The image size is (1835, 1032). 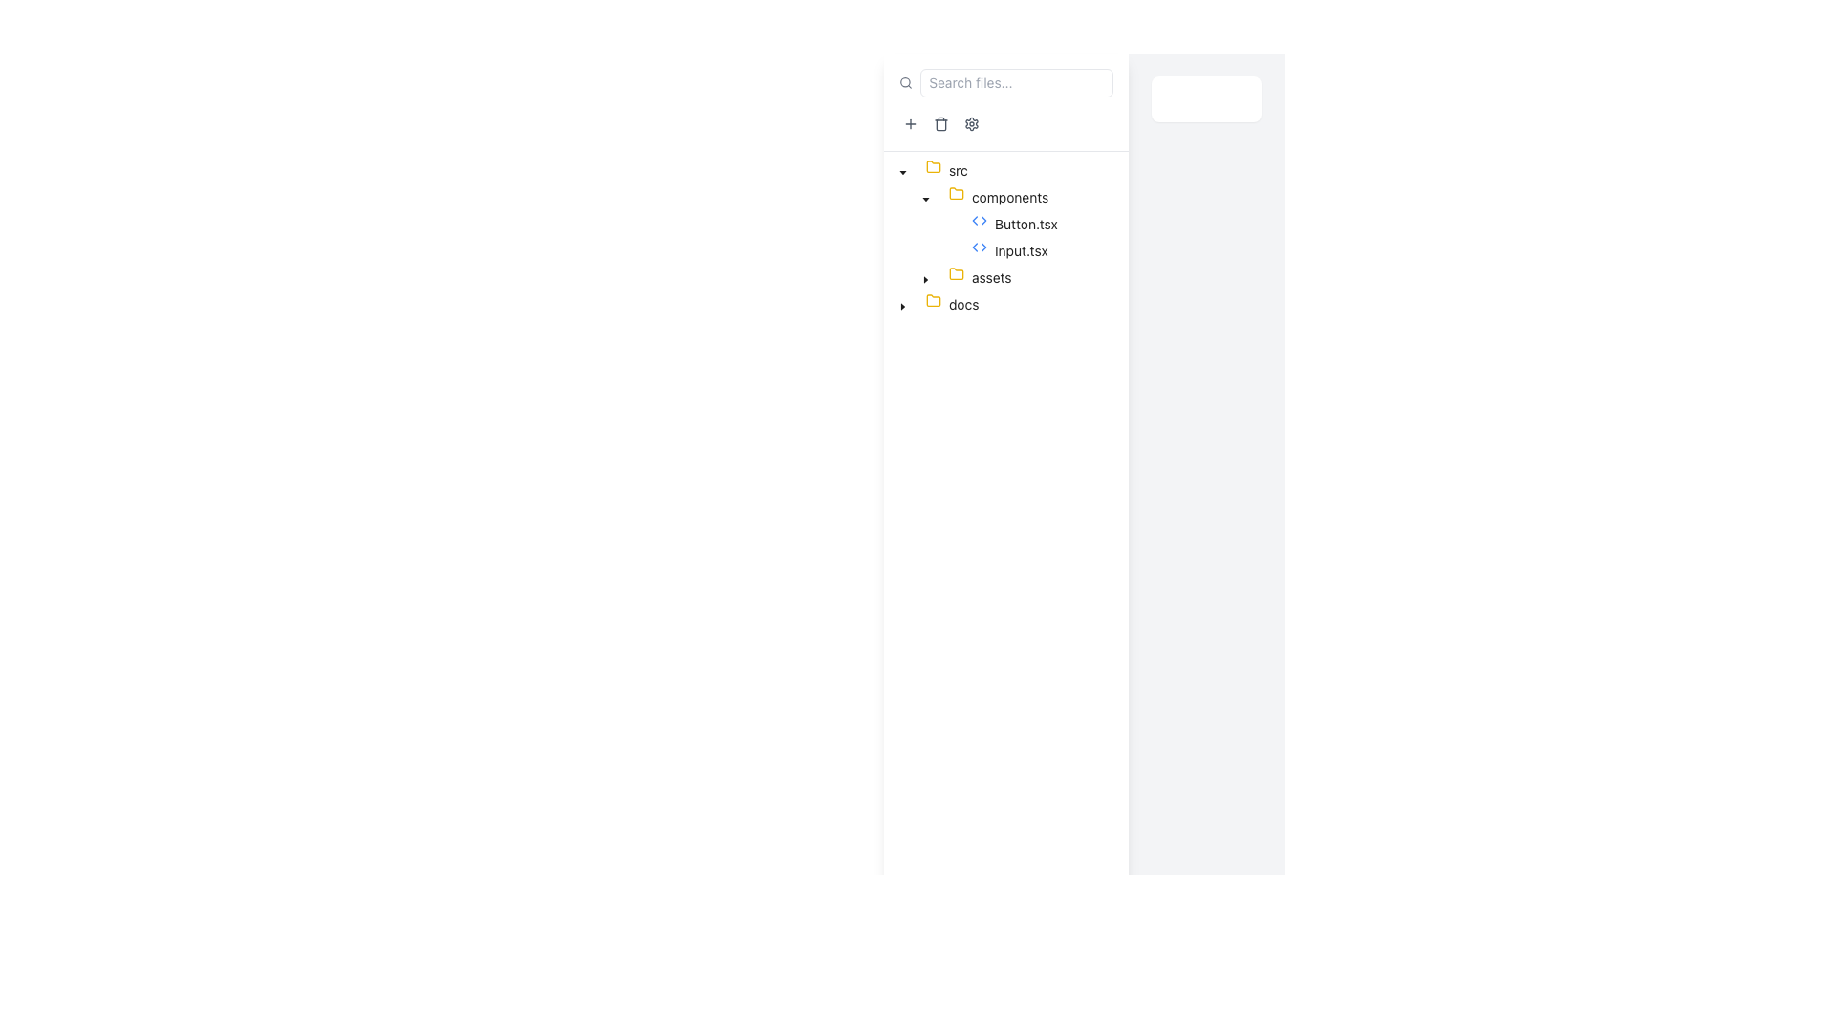 I want to click on the yellow Folder icon representing the 'docs' directory in the file navigation tree, so click(x=937, y=304).